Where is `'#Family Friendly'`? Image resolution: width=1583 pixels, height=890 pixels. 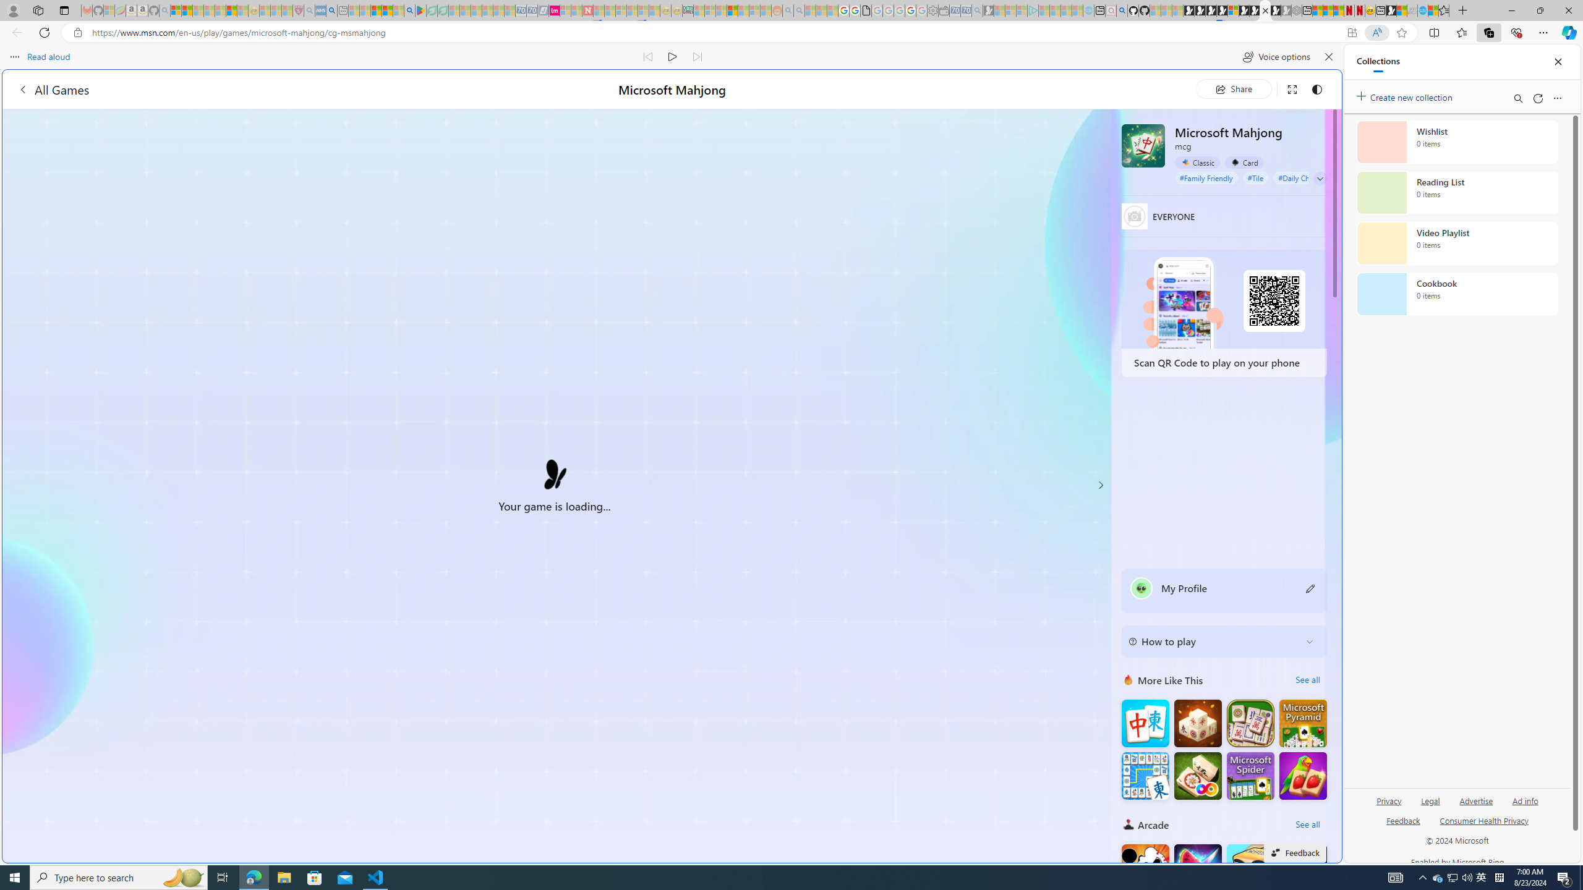 '#Family Friendly' is located at coordinates (1205, 177).